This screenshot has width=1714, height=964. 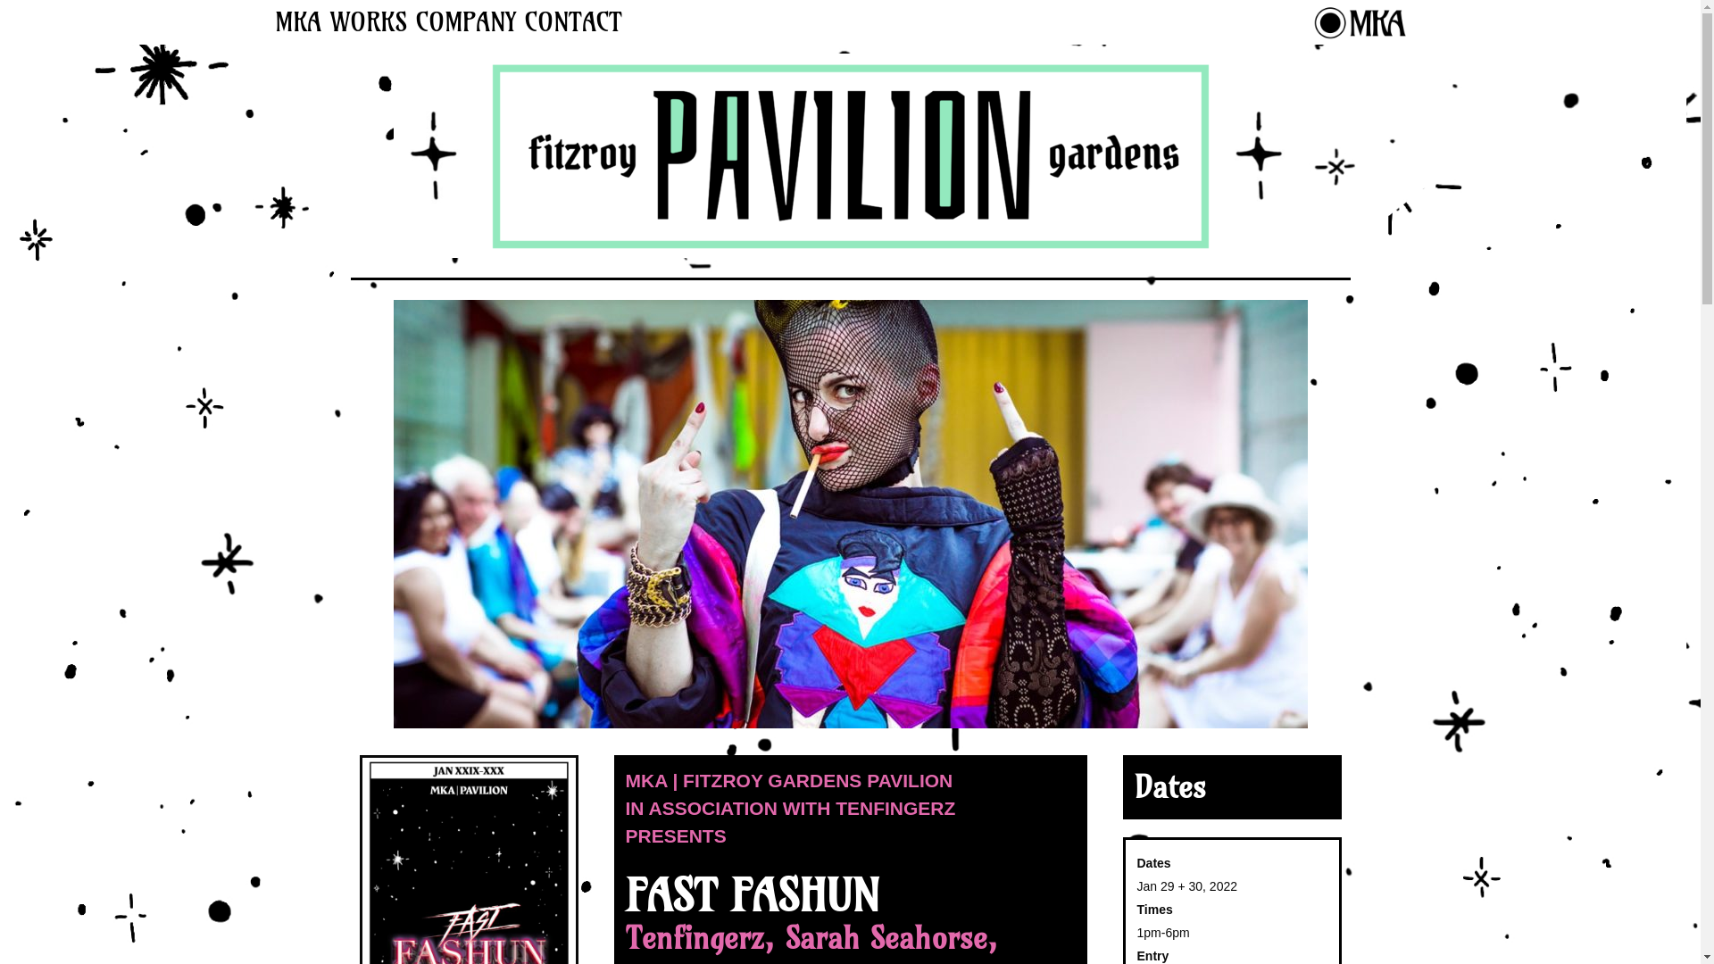 I want to click on 'CONTACT', so click(x=572, y=21).